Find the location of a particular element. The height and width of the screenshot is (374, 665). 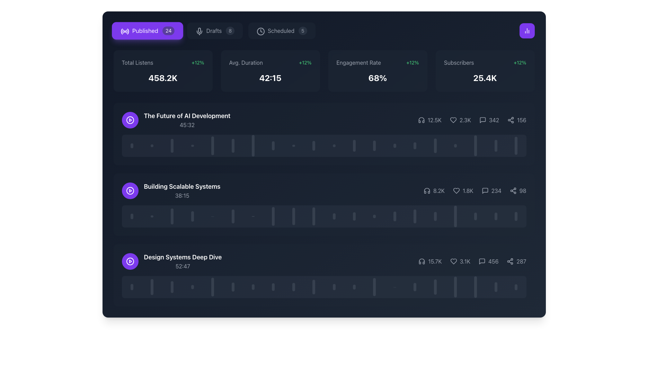

the numerical text '456' located at the bottom right section of the content information row is located at coordinates (488, 261).